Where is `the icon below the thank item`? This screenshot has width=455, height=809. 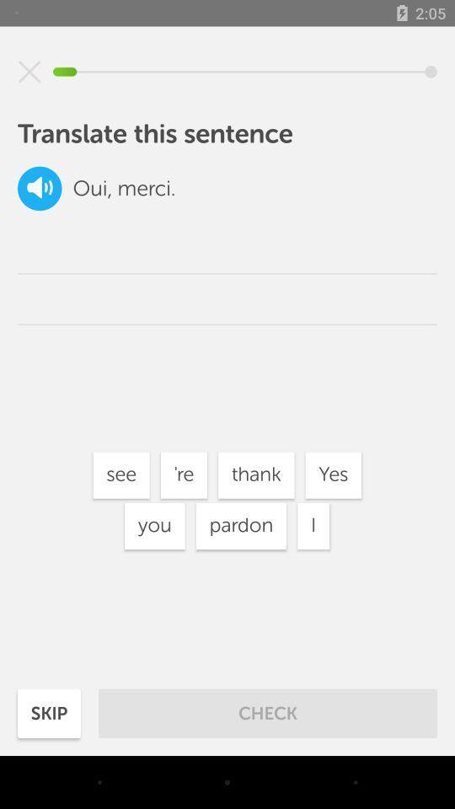
the icon below the thank item is located at coordinates (313, 525).